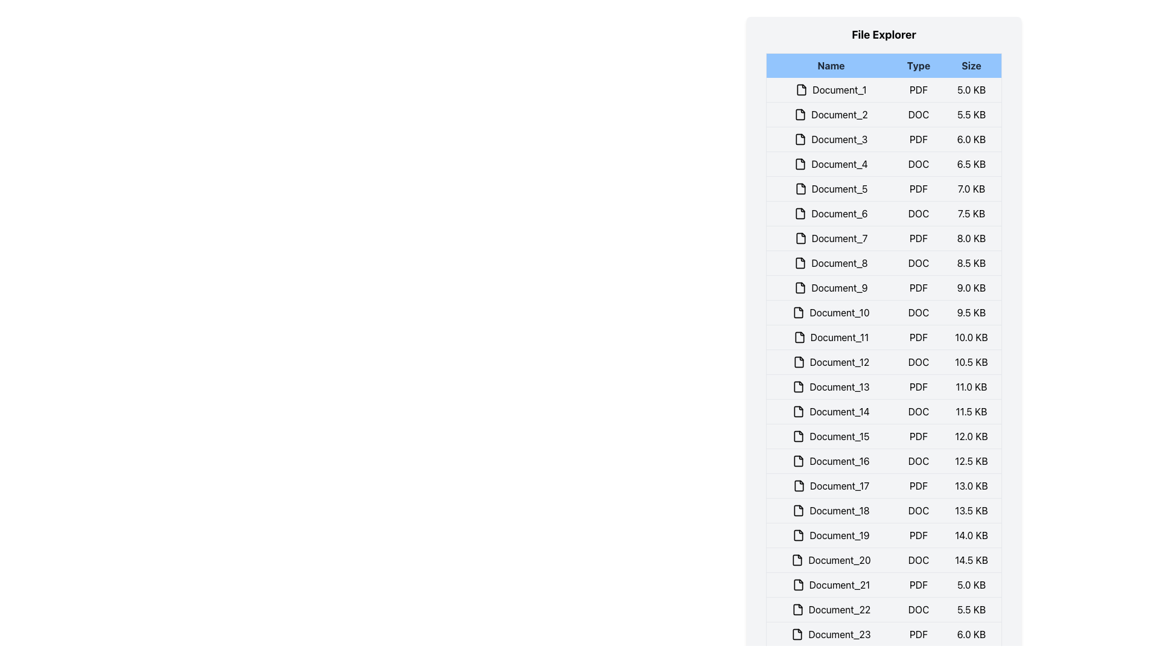  I want to click on the label displaying '11.5 KB', which indicates the file size of 'Document_14' in the file explorer interface, so click(971, 411).